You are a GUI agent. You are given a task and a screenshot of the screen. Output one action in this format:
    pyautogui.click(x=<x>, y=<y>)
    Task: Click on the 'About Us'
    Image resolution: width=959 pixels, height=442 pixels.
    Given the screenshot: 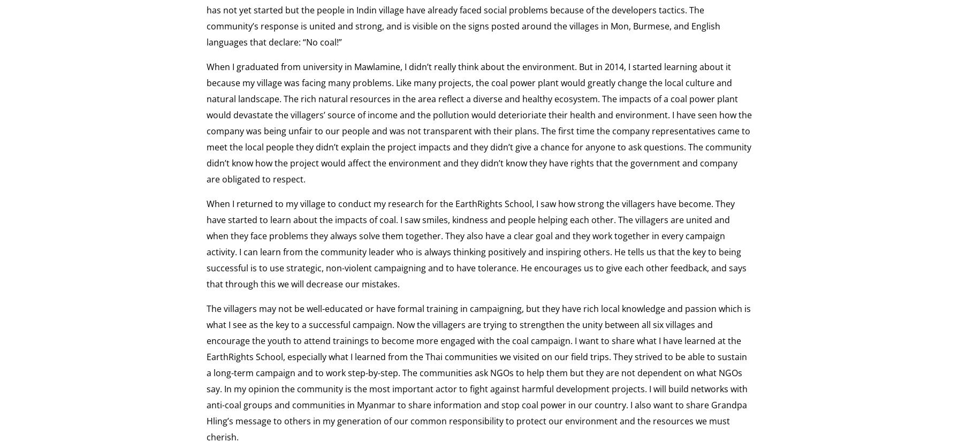 What is the action you would take?
    pyautogui.click(x=286, y=100)
    